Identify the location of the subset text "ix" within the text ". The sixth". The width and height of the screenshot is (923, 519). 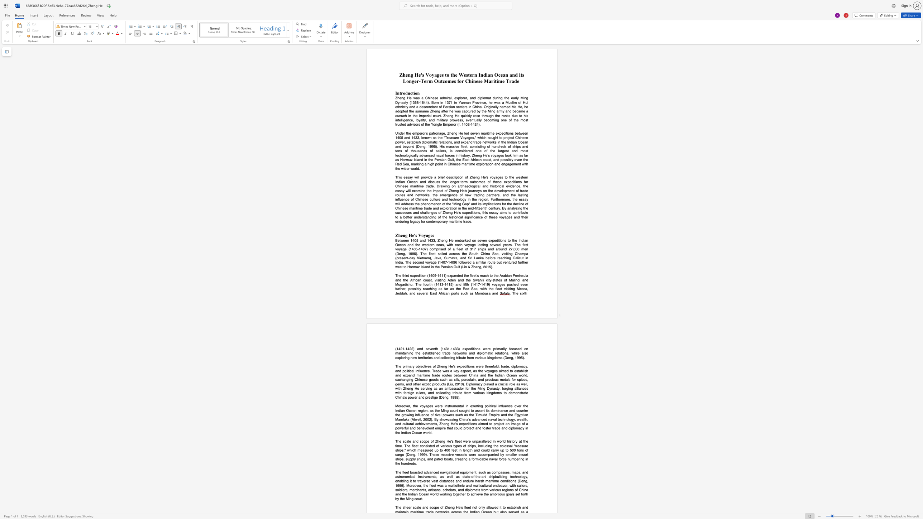
(521, 293).